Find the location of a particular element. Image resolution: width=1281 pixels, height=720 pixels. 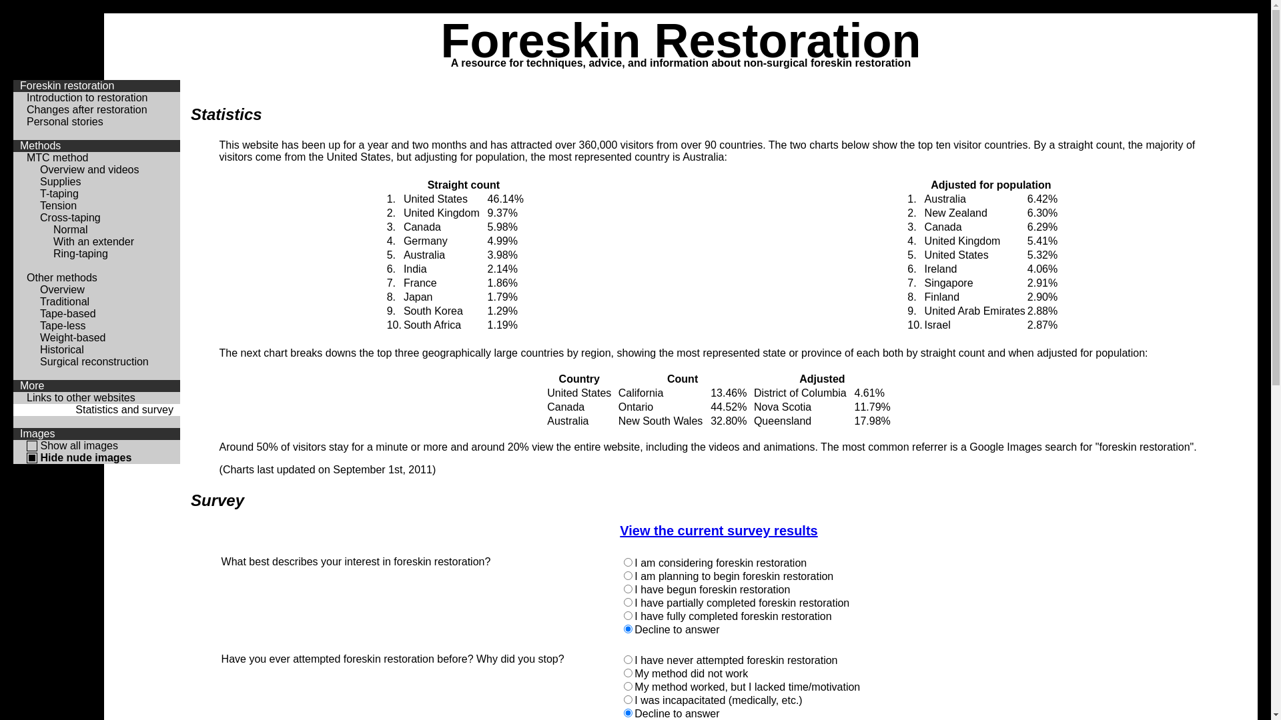

'Overview and videos' is located at coordinates (89, 169).